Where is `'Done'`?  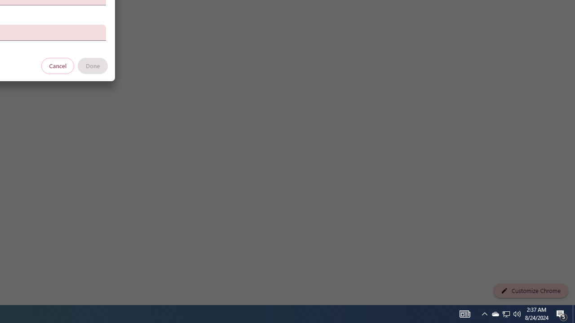
'Done' is located at coordinates (93, 65).